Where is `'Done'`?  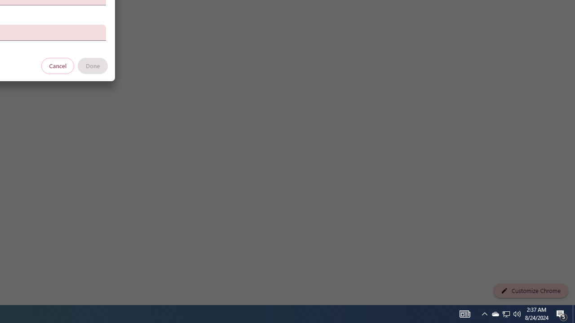
'Done' is located at coordinates (93, 65).